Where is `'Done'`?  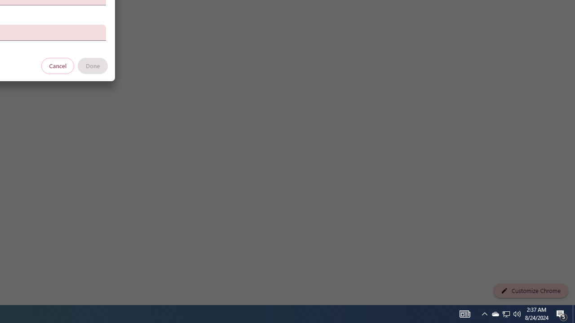
'Done' is located at coordinates (93, 65).